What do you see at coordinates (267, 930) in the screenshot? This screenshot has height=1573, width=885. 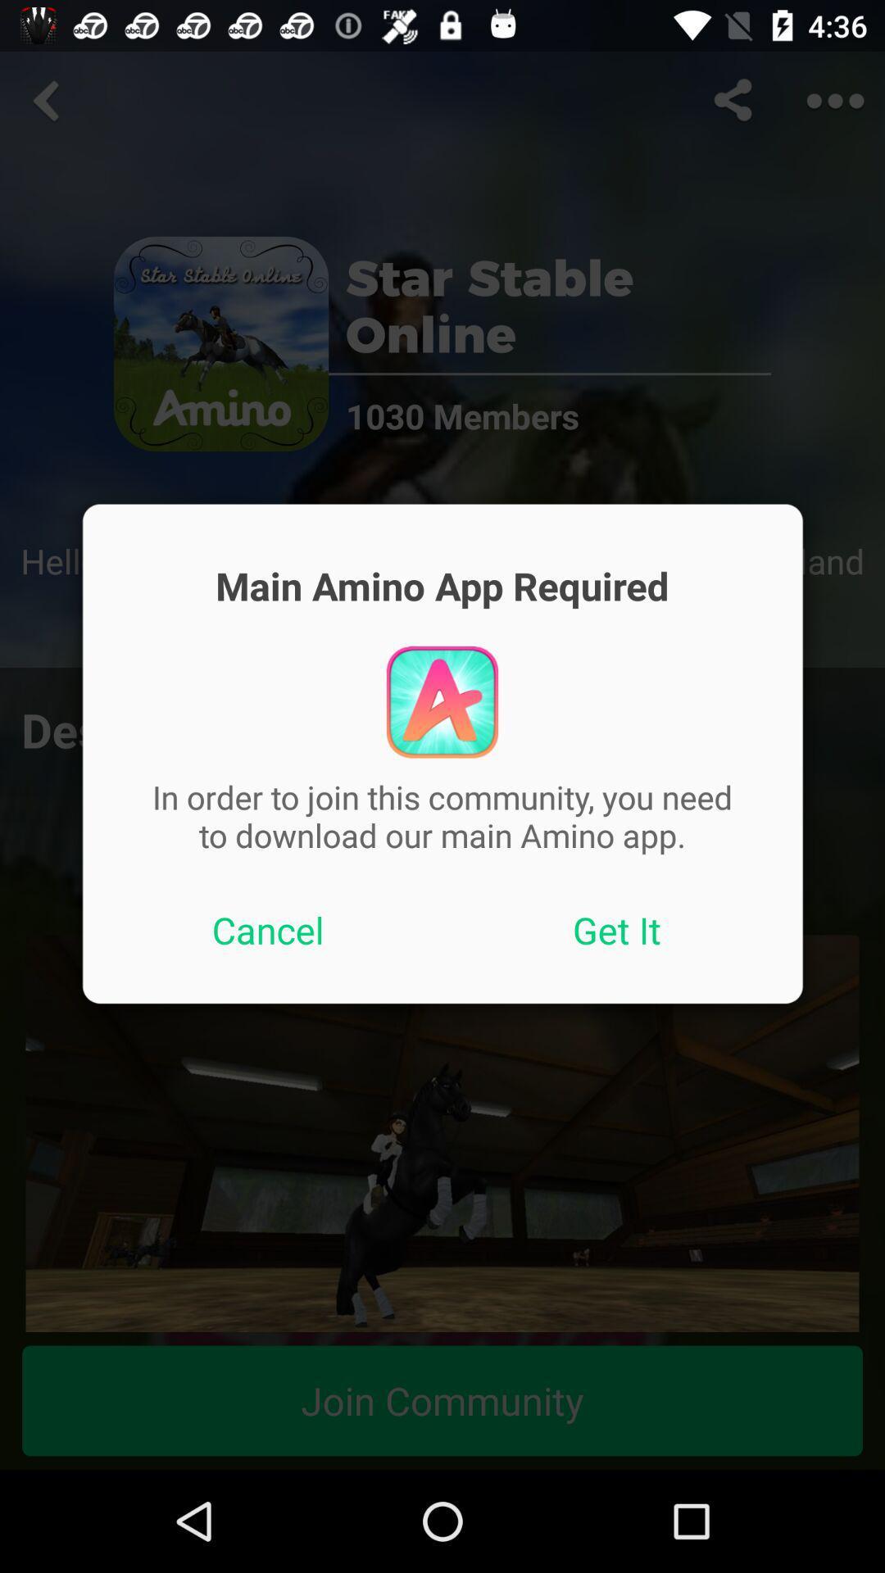 I see `app below the in order to icon` at bounding box center [267, 930].